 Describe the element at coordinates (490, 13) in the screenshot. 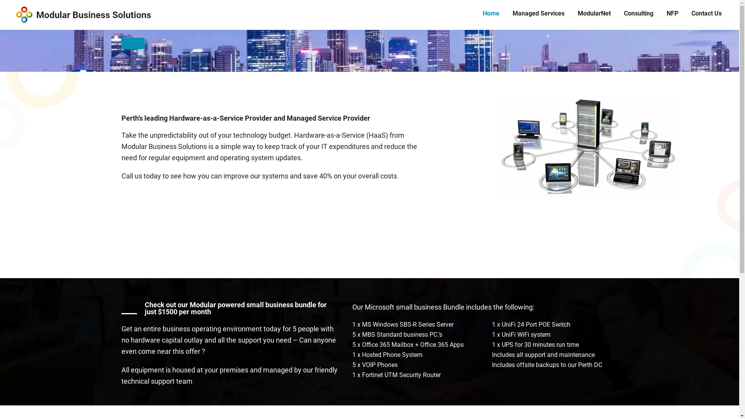

I see `'Home'` at that location.